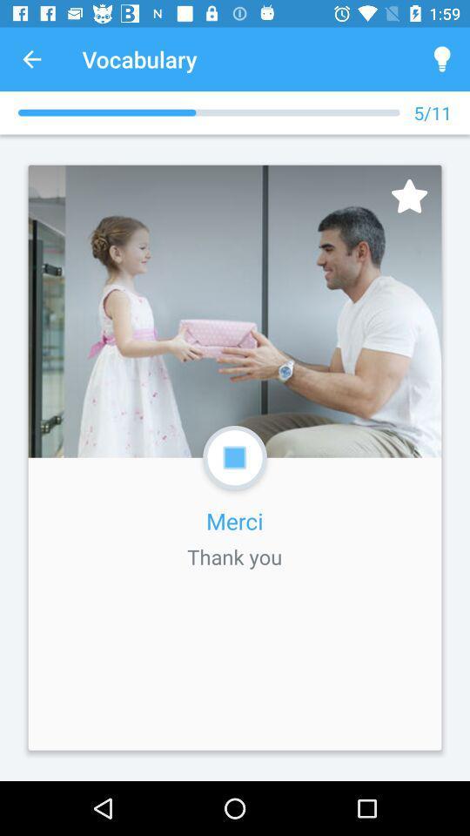 The image size is (470, 836). I want to click on the icon to the right of the vocabulary, so click(442, 59).